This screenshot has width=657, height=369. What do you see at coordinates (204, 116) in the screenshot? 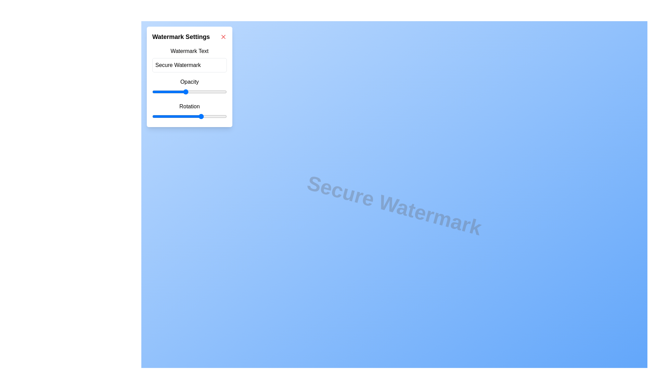
I see `the rotation` at bounding box center [204, 116].